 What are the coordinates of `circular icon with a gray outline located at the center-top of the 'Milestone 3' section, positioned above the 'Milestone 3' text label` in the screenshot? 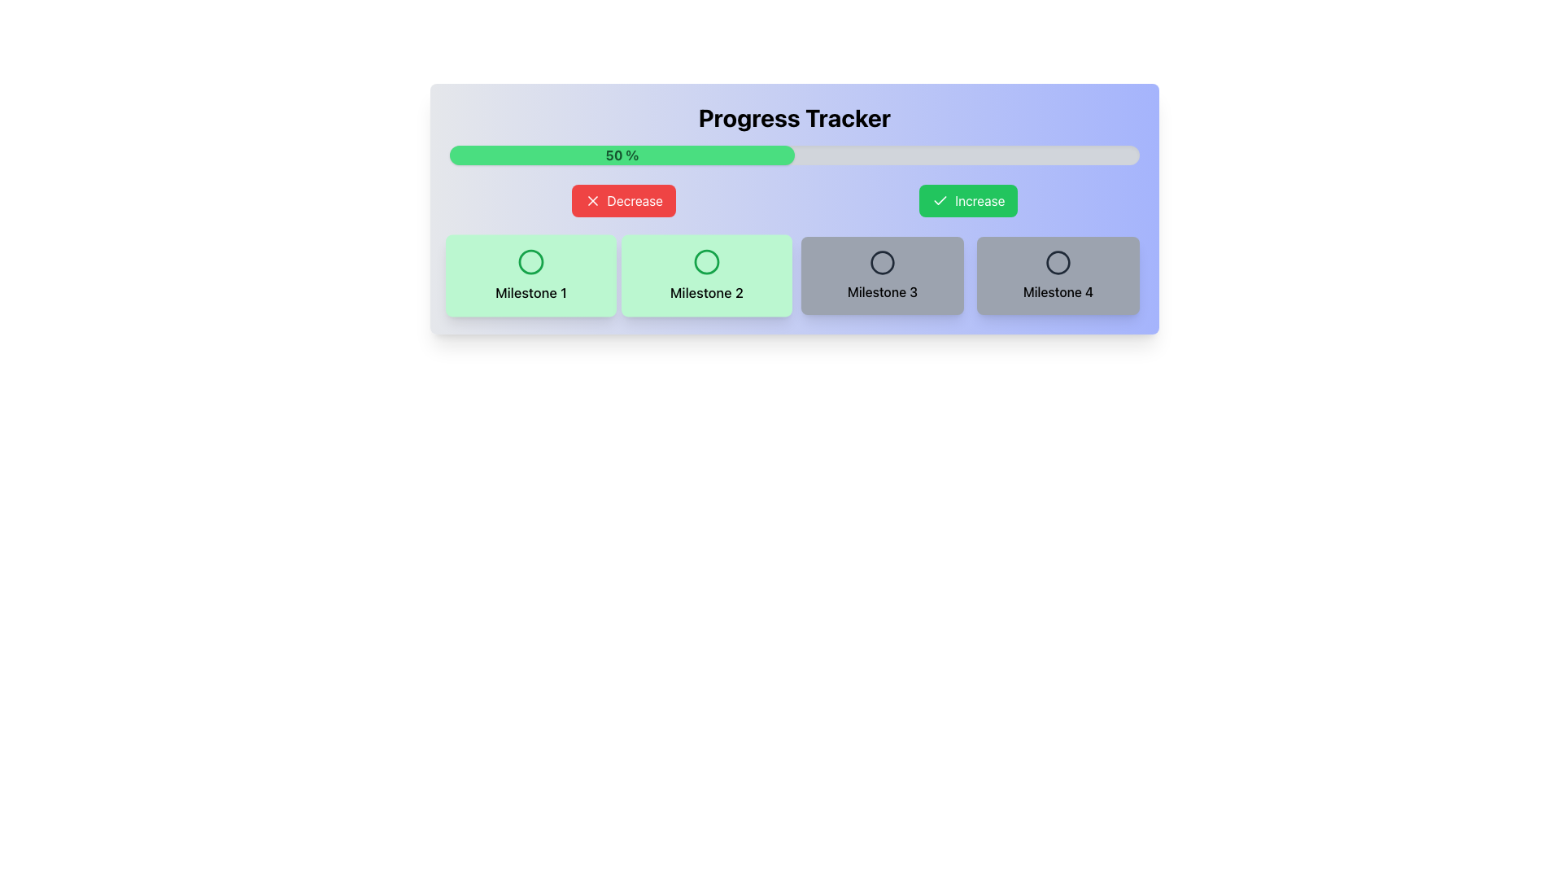 It's located at (881, 262).